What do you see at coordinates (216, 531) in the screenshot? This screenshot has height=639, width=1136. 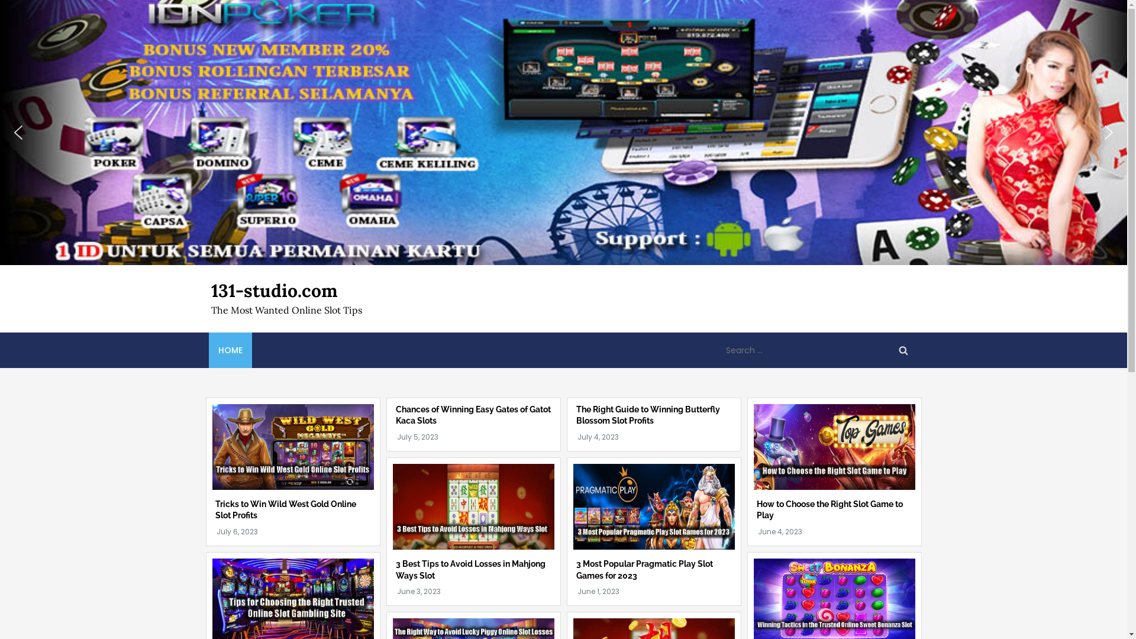 I see `'July 6, 2023'` at bounding box center [216, 531].